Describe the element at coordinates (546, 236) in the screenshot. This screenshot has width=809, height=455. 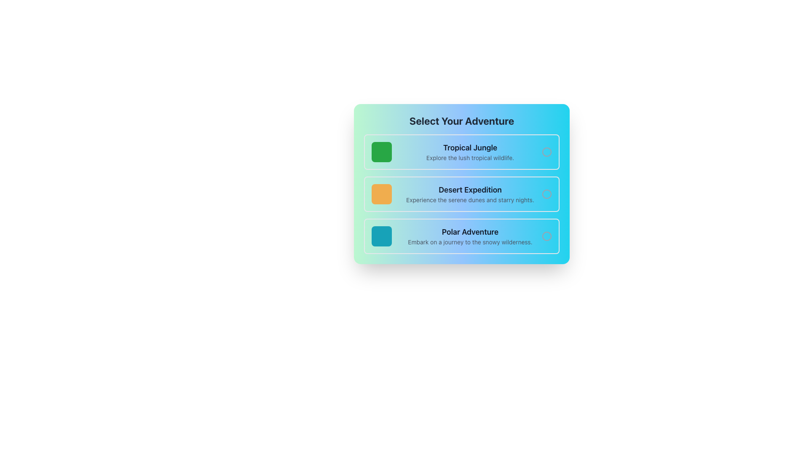
I see `the circular radio button in the 'Polar Adventure' section, which is right-aligned within the third option group` at that location.